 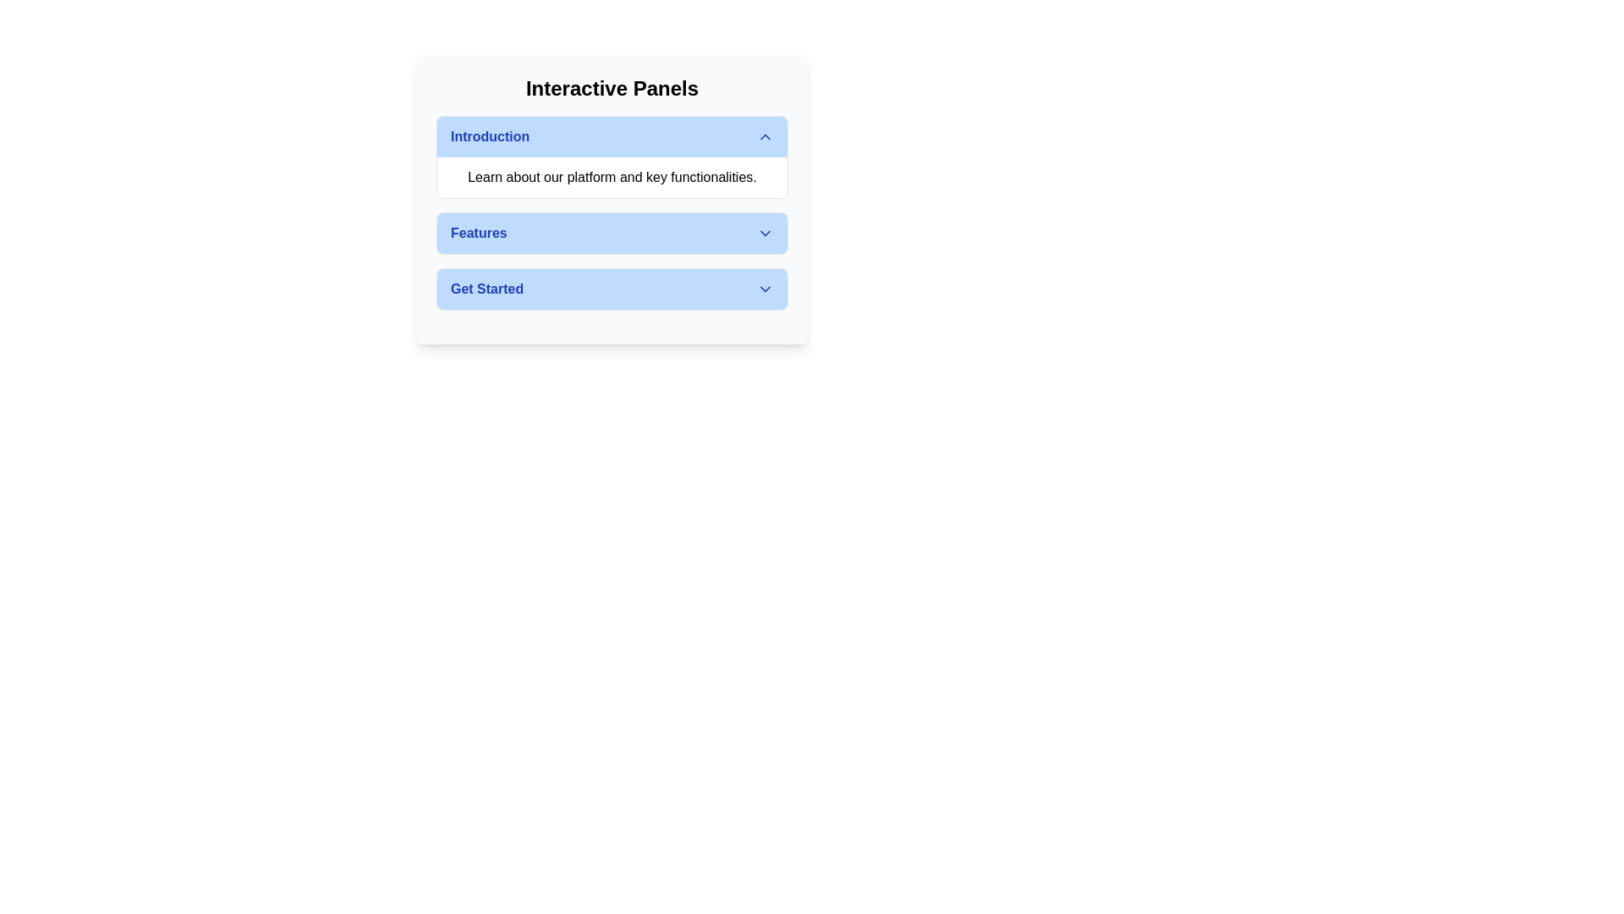 I want to click on the first collapsible panel located underneath the 'Interactive Panels' title, so click(x=612, y=157).